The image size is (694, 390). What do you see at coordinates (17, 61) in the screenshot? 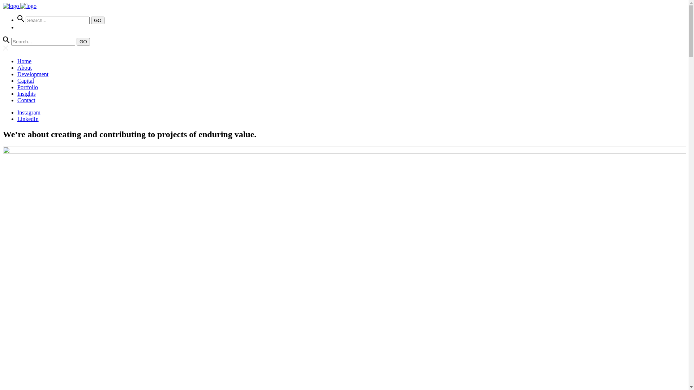
I see `'Home'` at bounding box center [17, 61].